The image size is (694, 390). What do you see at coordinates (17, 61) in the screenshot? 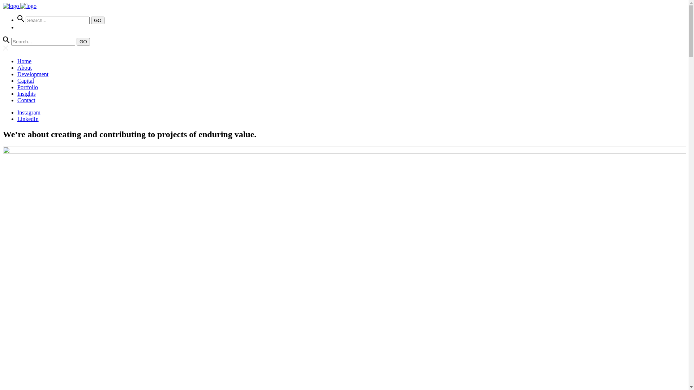
I see `'Home'` at bounding box center [17, 61].